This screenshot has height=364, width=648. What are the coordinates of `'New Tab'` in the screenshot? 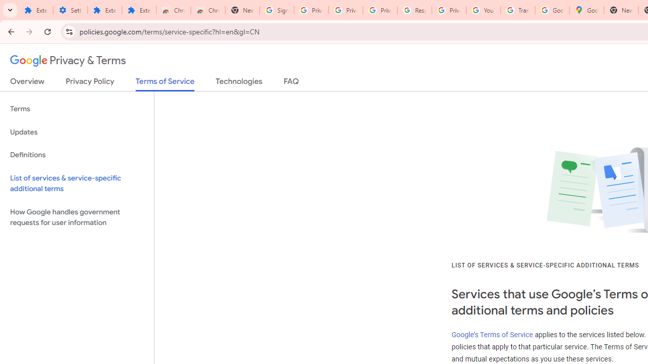 It's located at (242, 10).